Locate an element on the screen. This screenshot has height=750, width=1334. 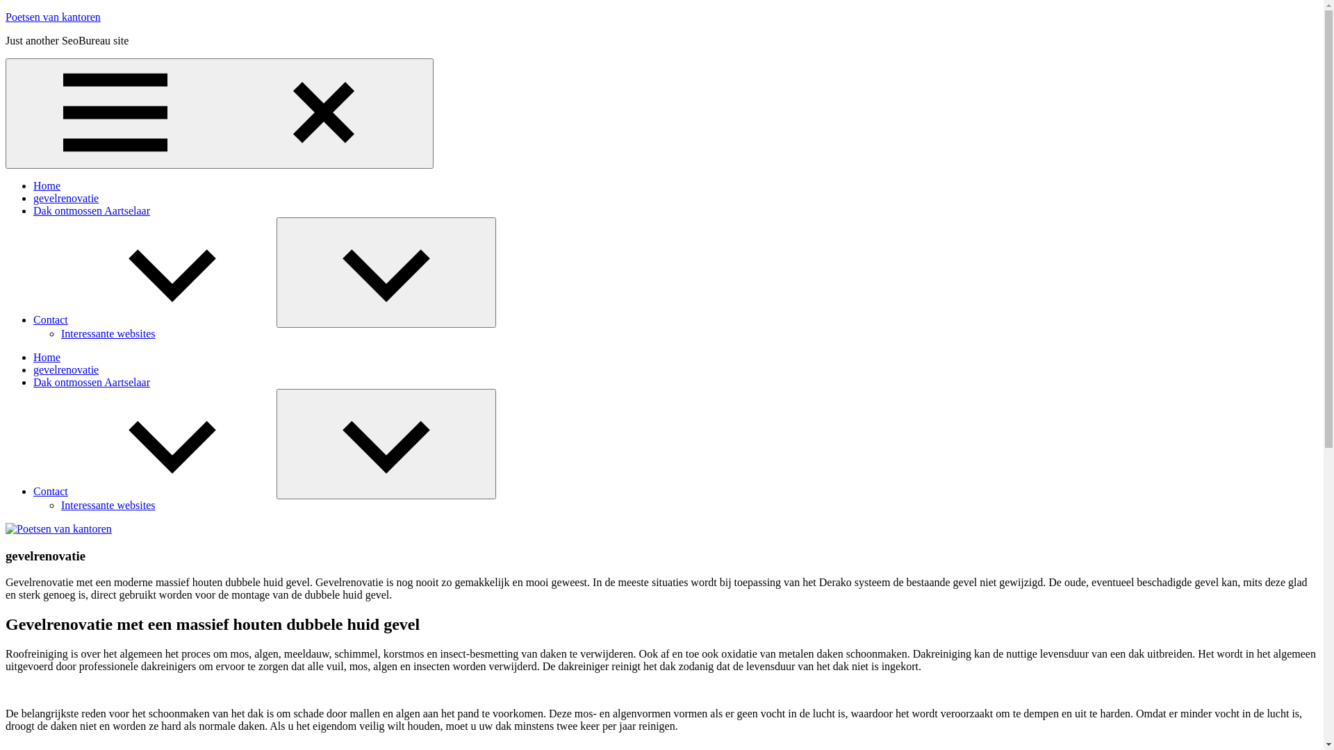
'Home' is located at coordinates (33, 185).